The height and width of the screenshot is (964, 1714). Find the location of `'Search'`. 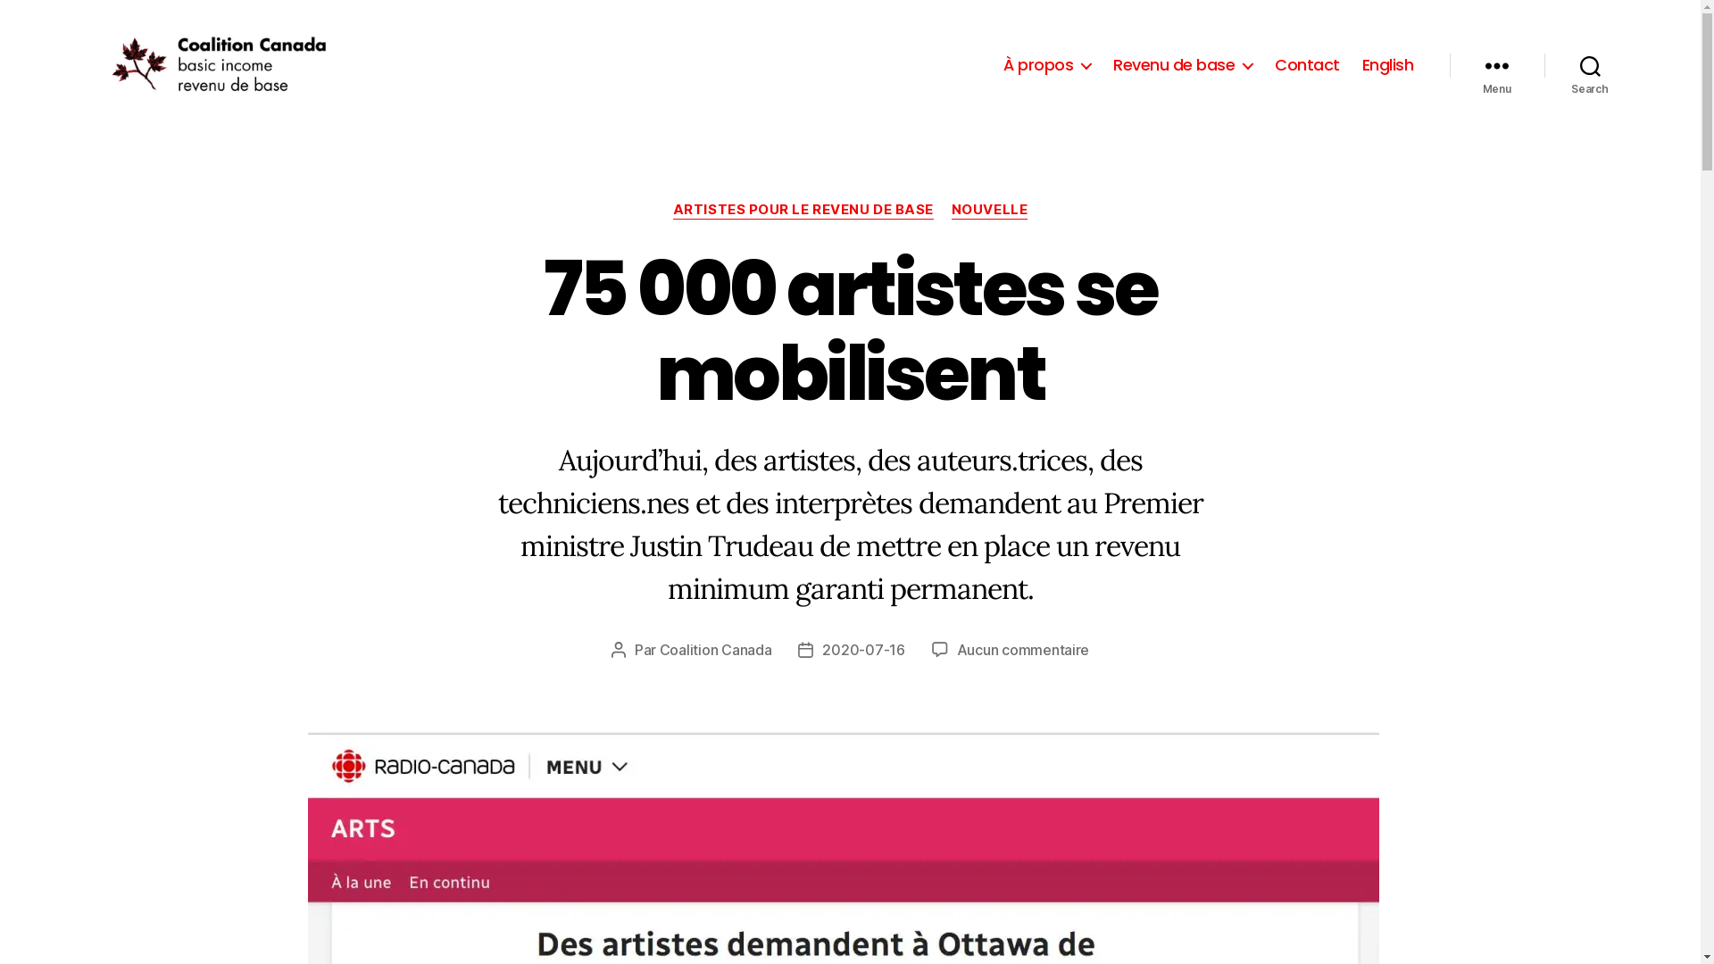

'Search' is located at coordinates (1543, 64).